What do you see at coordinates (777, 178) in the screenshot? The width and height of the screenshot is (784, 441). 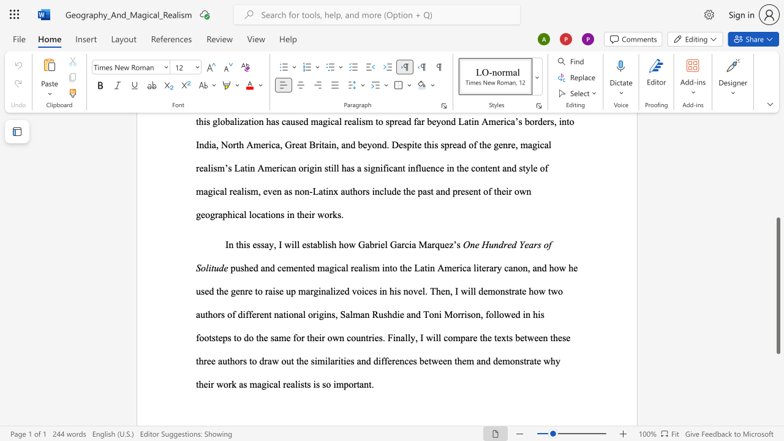 I see `the scrollbar on the right` at bounding box center [777, 178].